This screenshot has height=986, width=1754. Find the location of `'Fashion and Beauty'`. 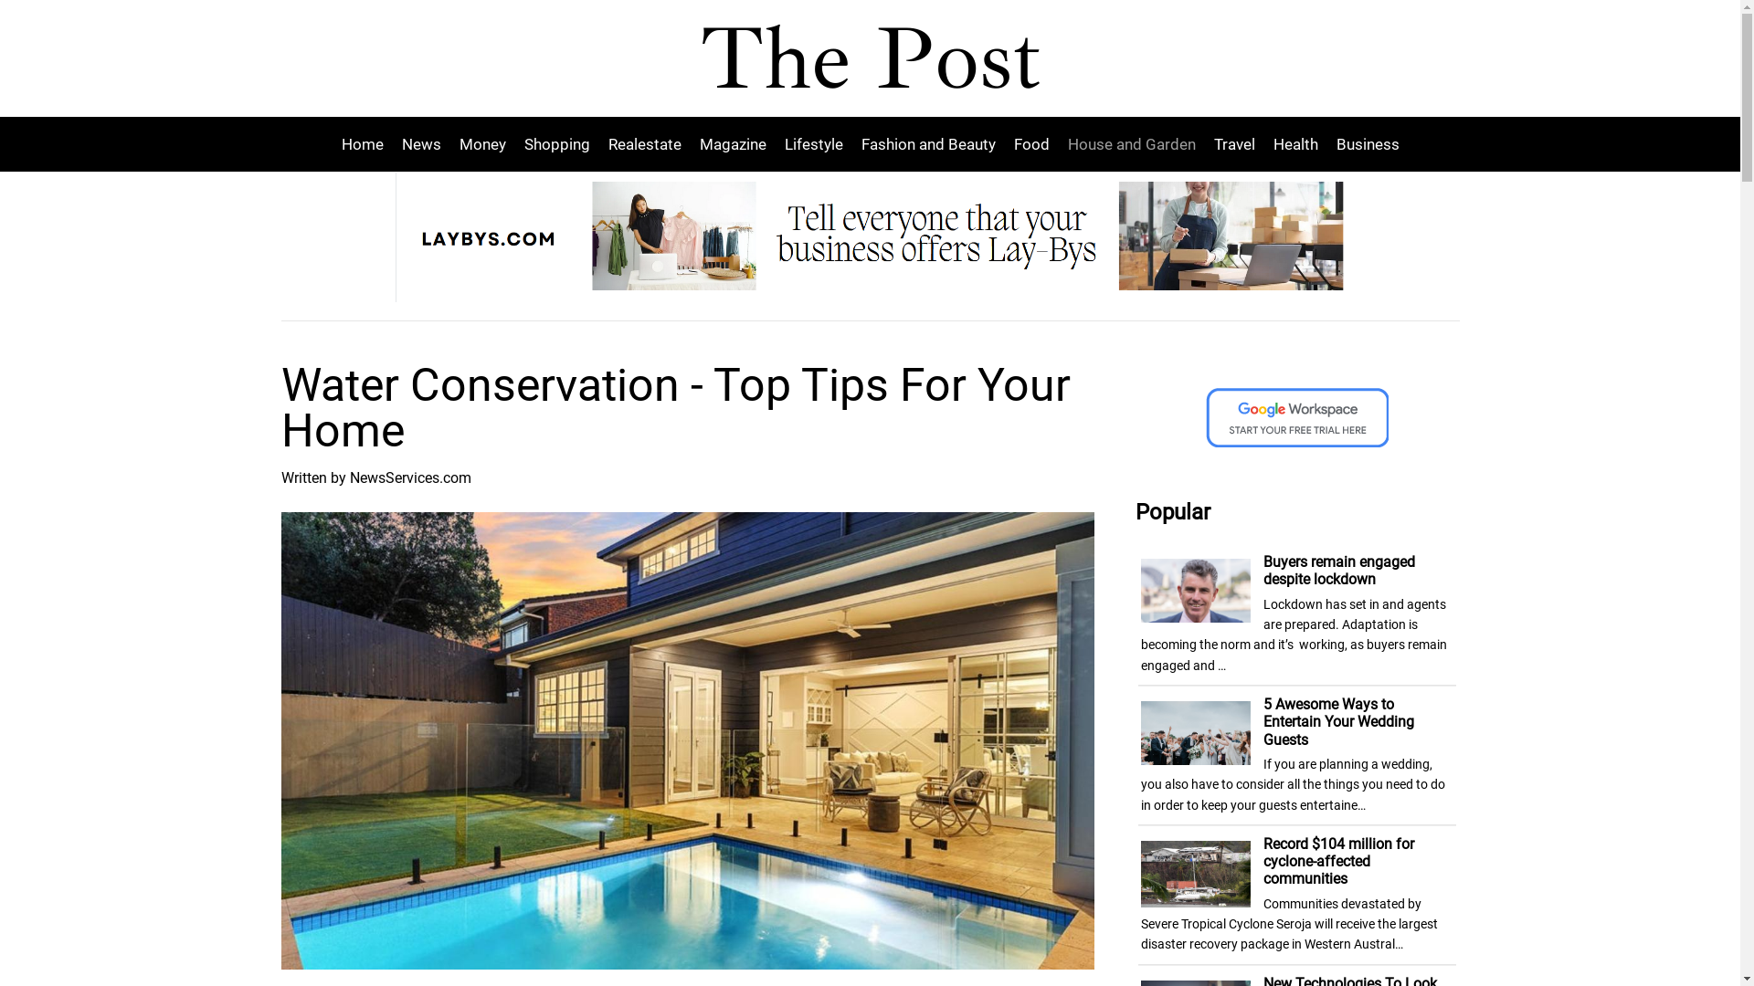

'Fashion and Beauty' is located at coordinates (927, 143).